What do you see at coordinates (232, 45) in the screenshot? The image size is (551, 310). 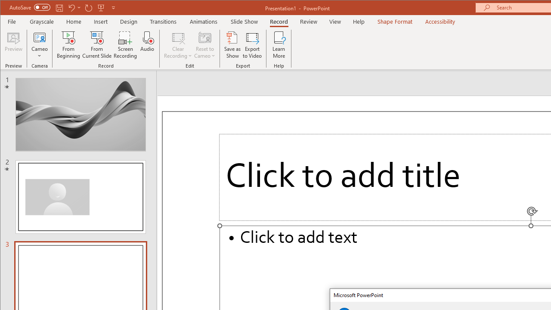 I see `'Save as Show'` at bounding box center [232, 45].